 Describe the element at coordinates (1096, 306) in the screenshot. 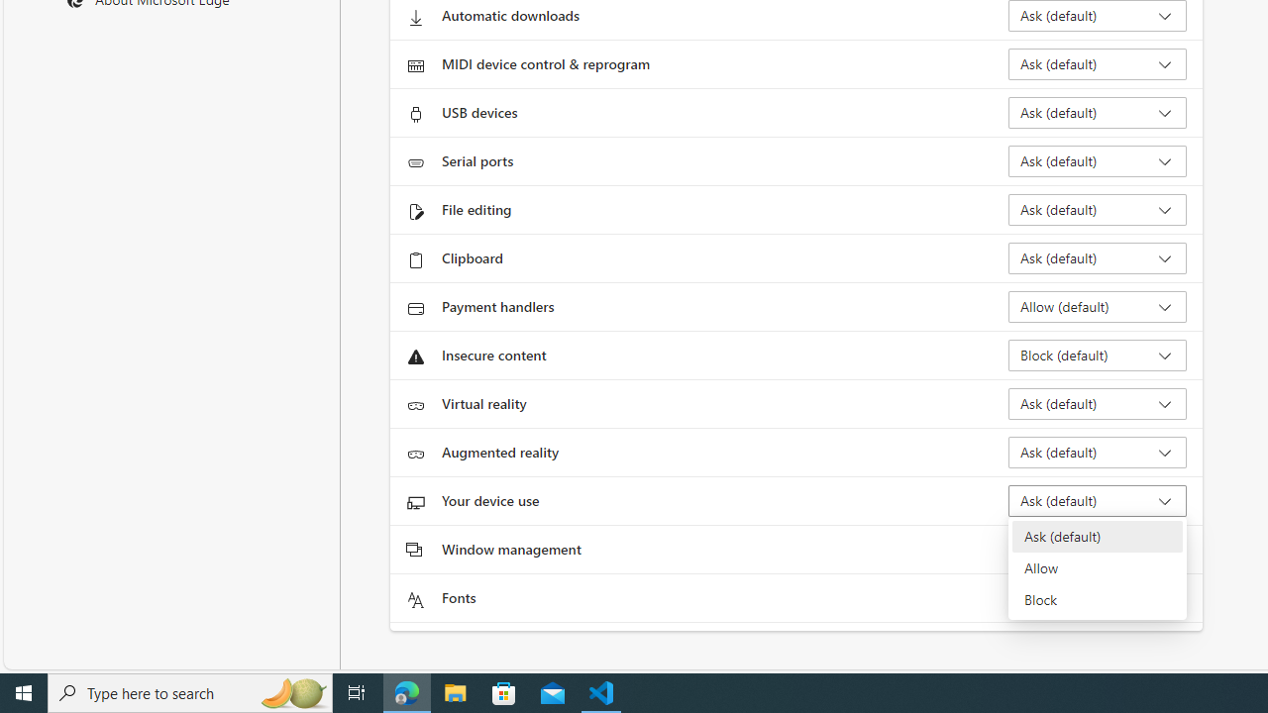

I see `'Payment handlers Allow (default)'` at that location.